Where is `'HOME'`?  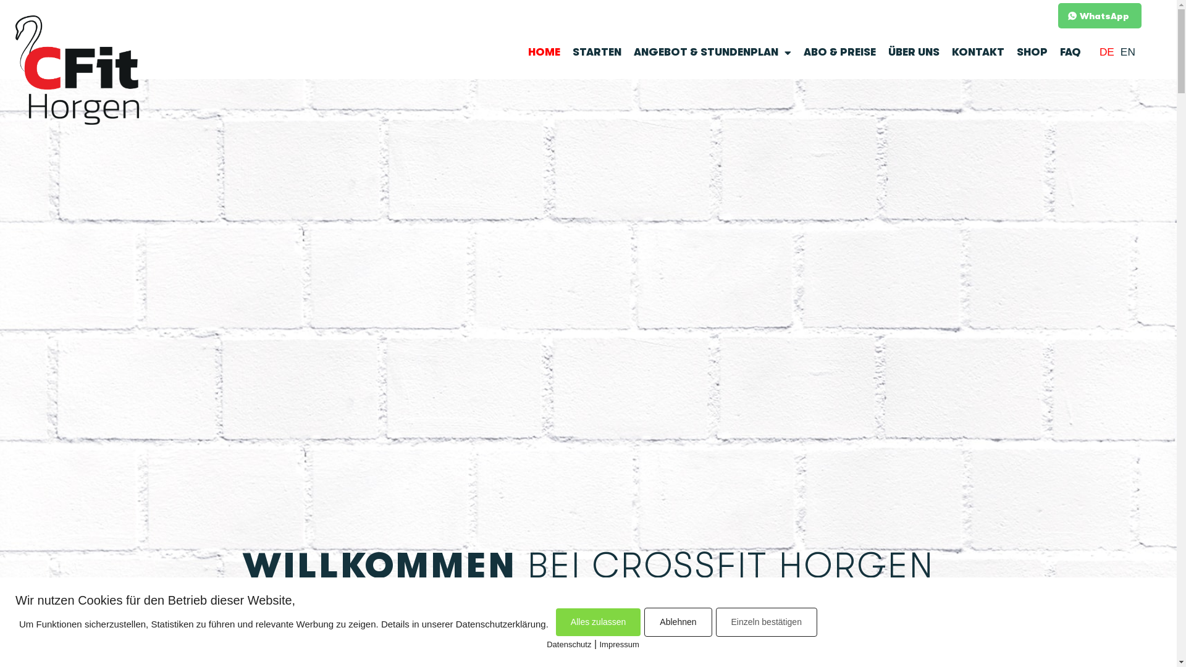 'HOME' is located at coordinates (544, 51).